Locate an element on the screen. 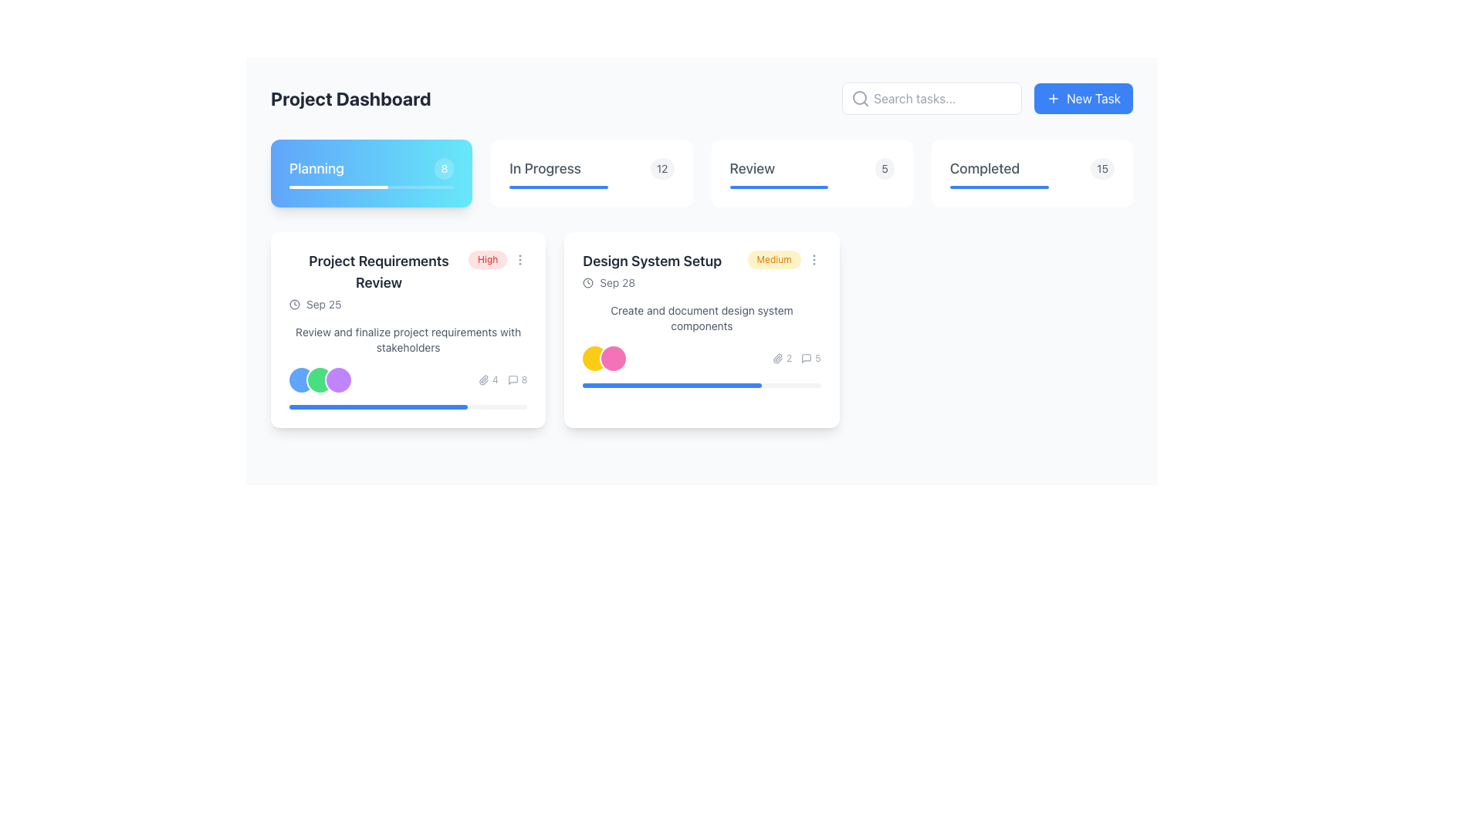 This screenshot has height=833, width=1482. the Avatar or Profile Picture representing the user 'Lisa', which is the second avatar in a row at the bottom of the 'Design System Setup' card is located at coordinates (613, 359).